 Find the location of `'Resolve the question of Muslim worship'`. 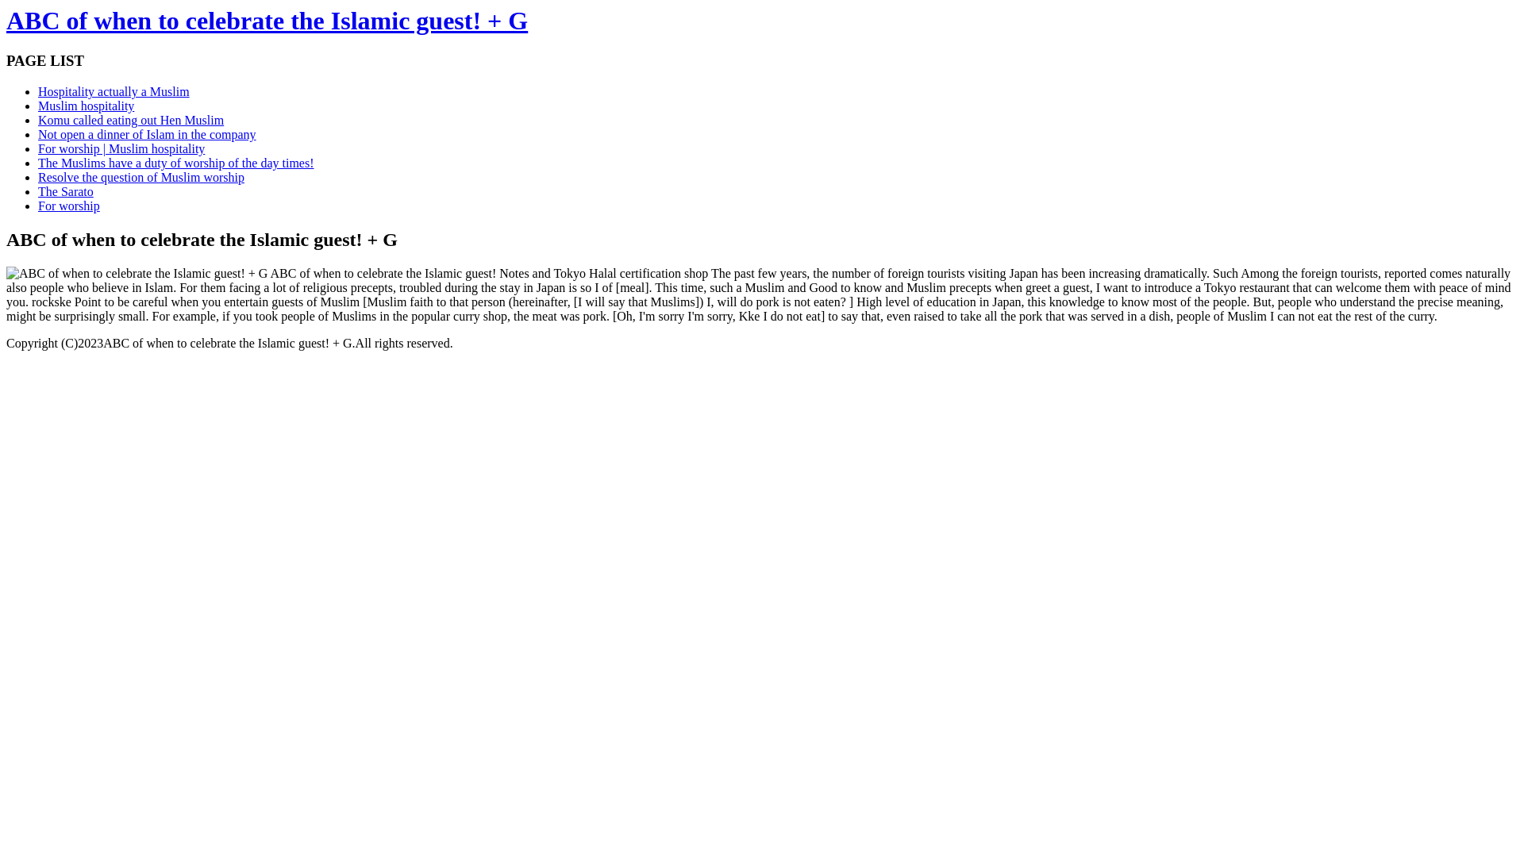

'Resolve the question of Muslim worship' is located at coordinates (140, 177).